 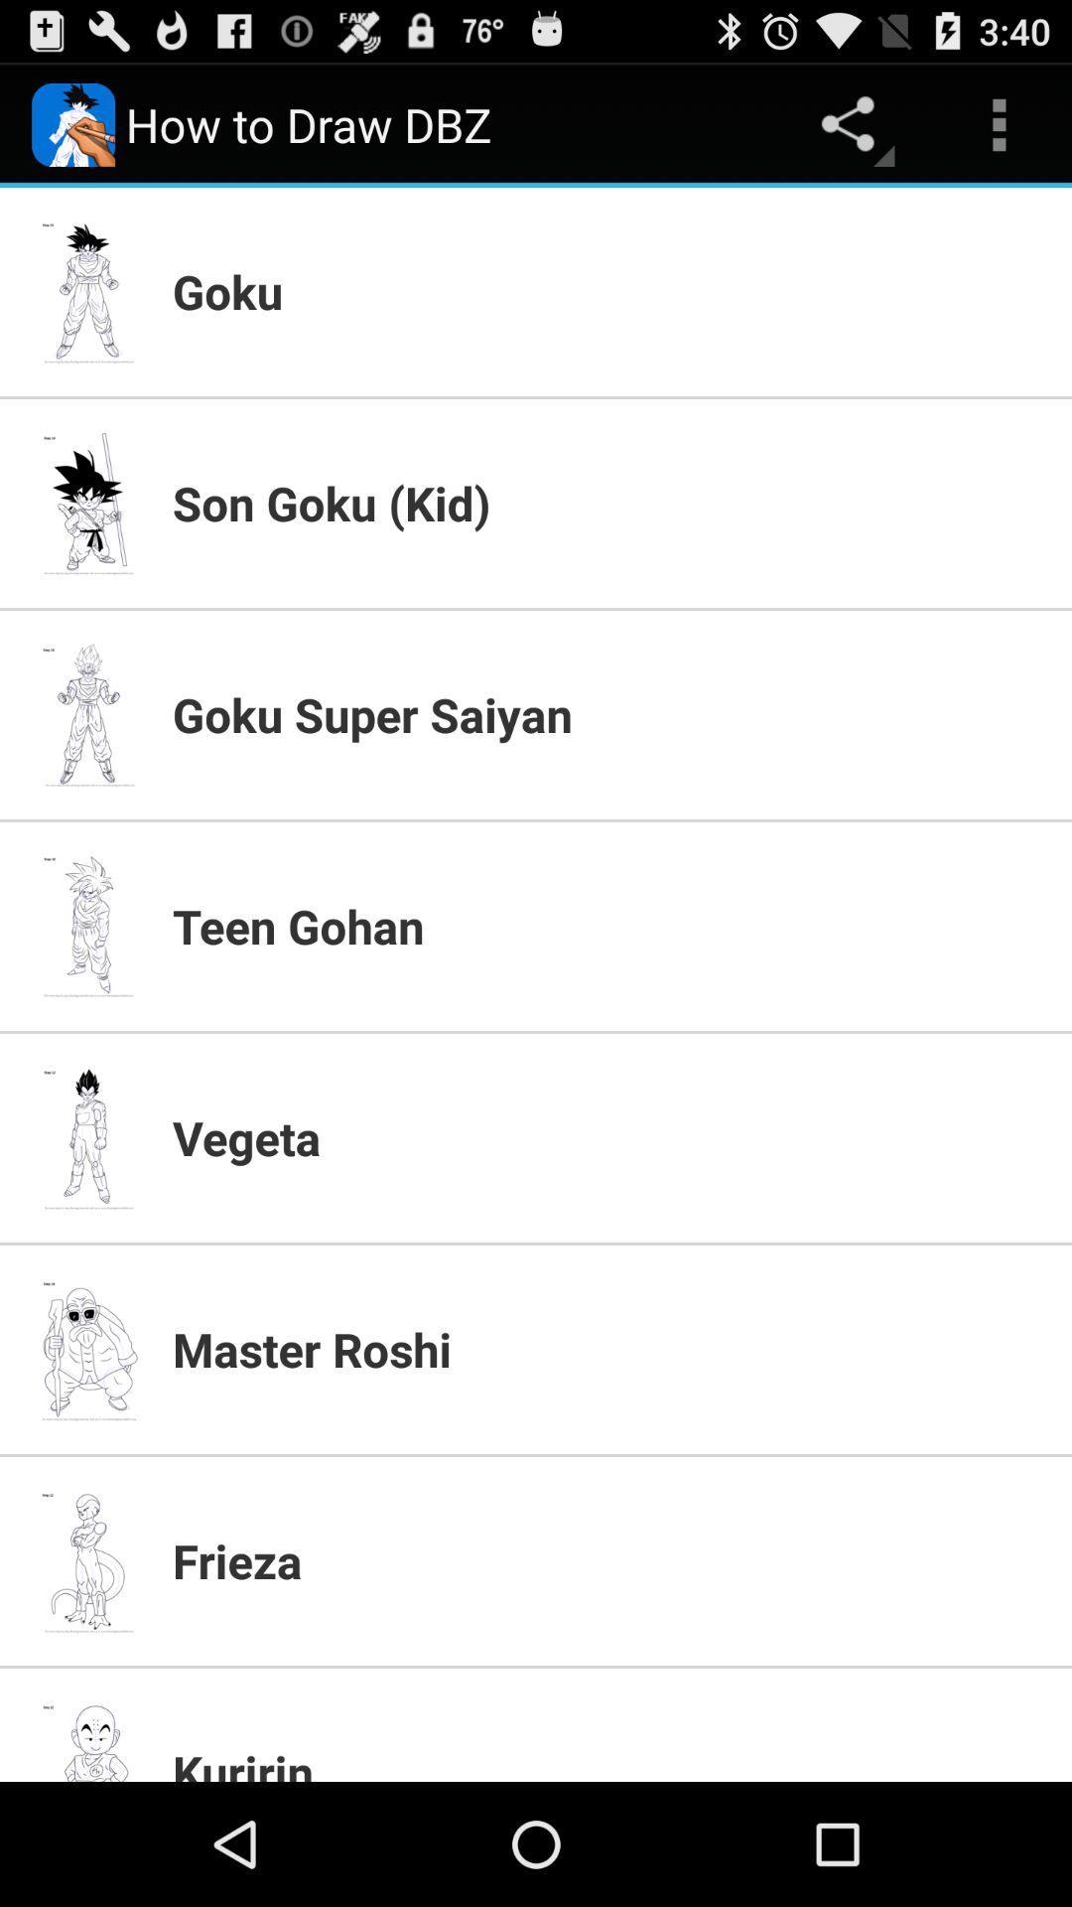 I want to click on the app above the vegeta icon, so click(x=608, y=925).